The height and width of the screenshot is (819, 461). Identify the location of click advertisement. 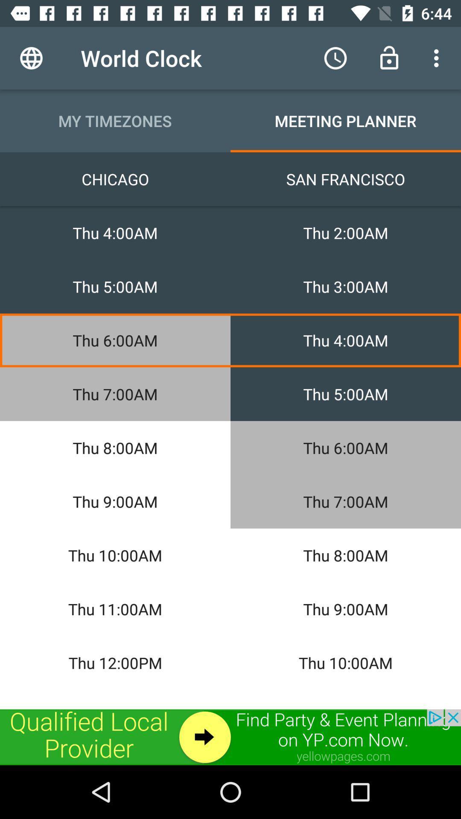
(230, 737).